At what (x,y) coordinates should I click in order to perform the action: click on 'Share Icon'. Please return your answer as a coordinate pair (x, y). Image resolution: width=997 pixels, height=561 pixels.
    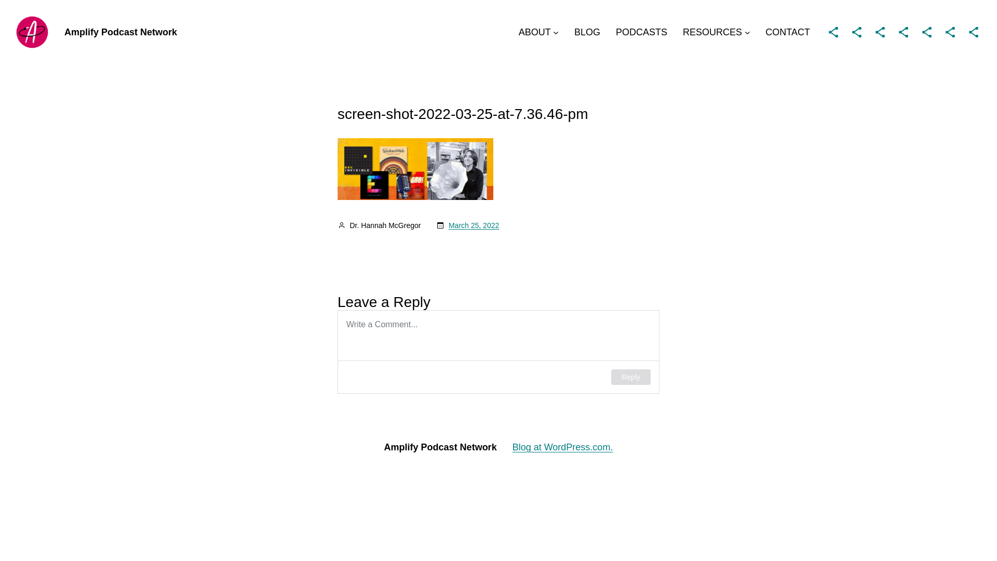
    Looking at the image, I should click on (950, 31).